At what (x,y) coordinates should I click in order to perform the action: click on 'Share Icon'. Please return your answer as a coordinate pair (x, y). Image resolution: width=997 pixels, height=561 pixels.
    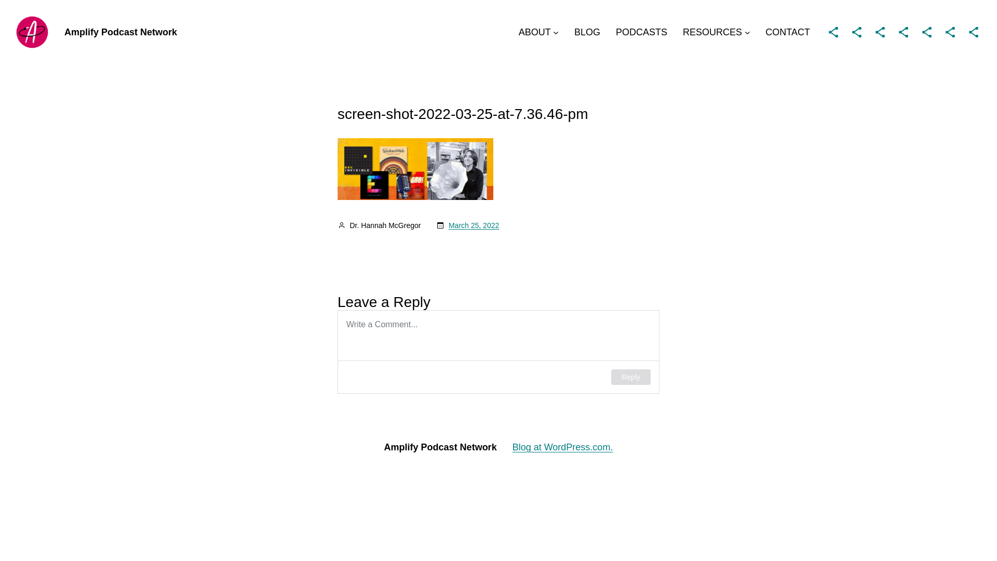
    Looking at the image, I should click on (950, 31).